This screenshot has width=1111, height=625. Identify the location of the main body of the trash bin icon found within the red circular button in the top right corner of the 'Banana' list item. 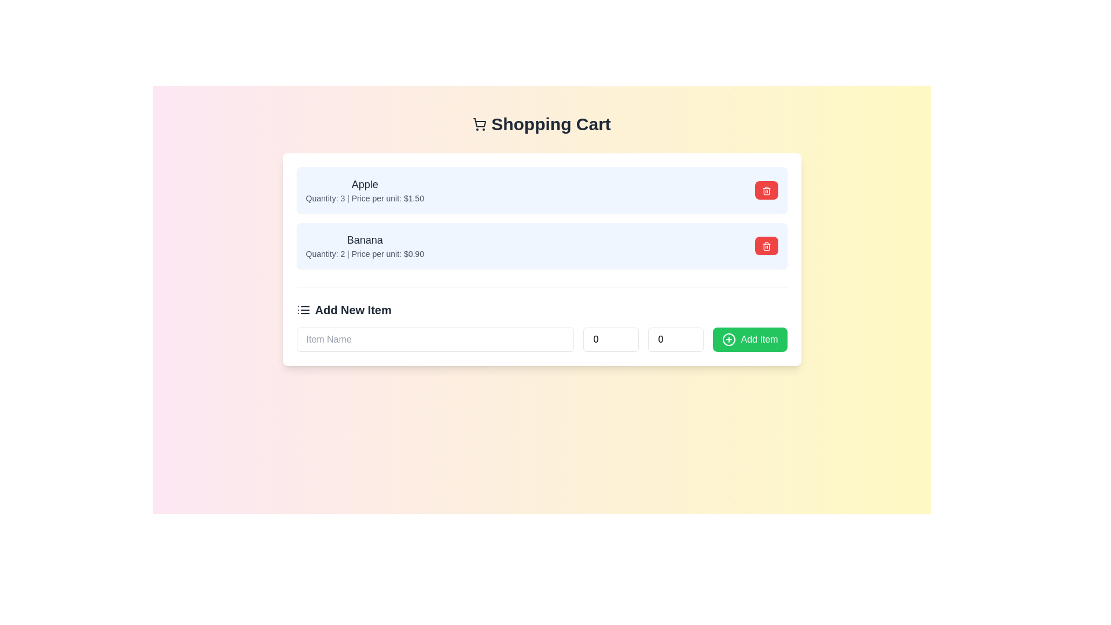
(766, 247).